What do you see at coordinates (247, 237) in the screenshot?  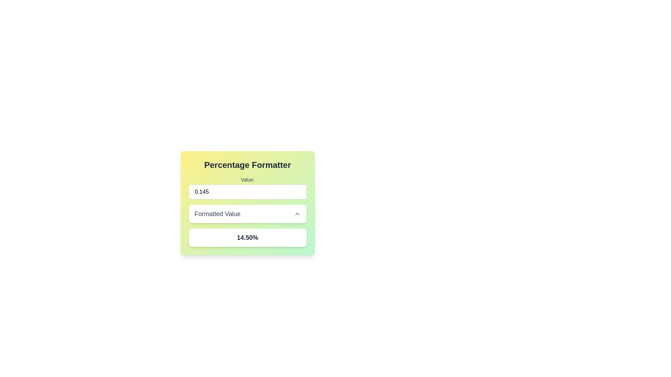 I see `the Display box that shows the numeric percentage value '14.50%', which is styled in a bold font with a dark gray color on a white background and is located beneath the 'Formatted Value' button` at bounding box center [247, 237].